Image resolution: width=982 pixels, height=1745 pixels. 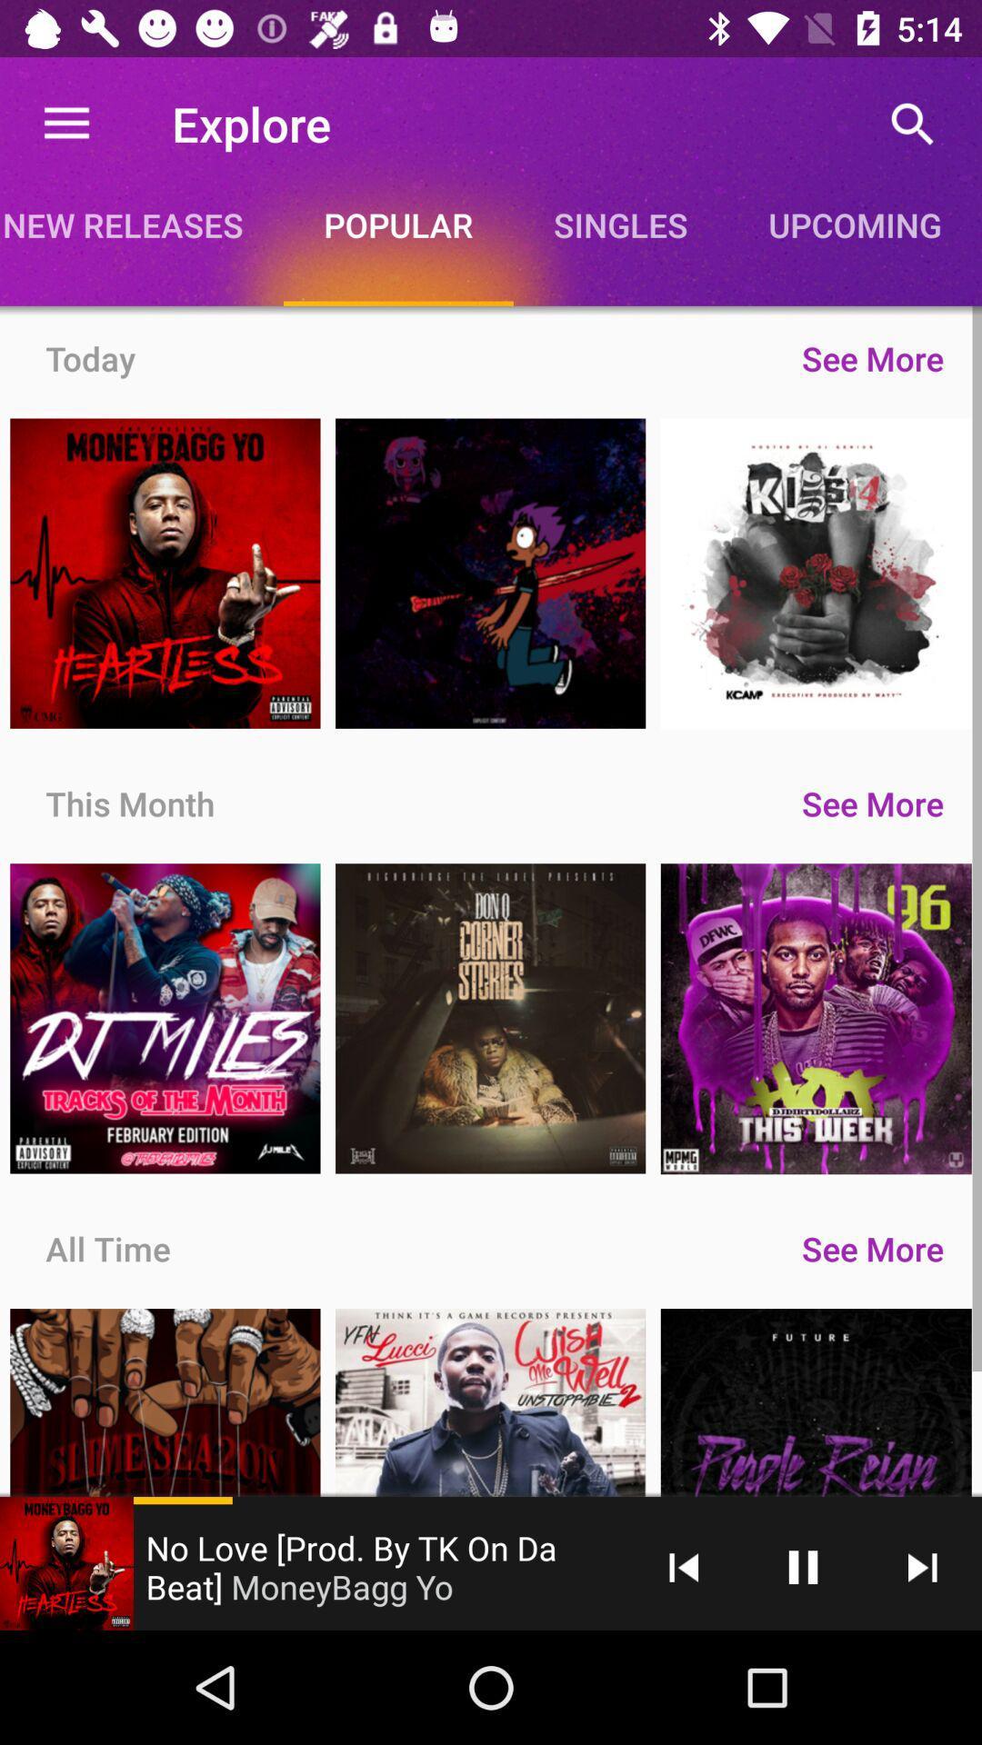 What do you see at coordinates (619, 224) in the screenshot?
I see `singles item` at bounding box center [619, 224].